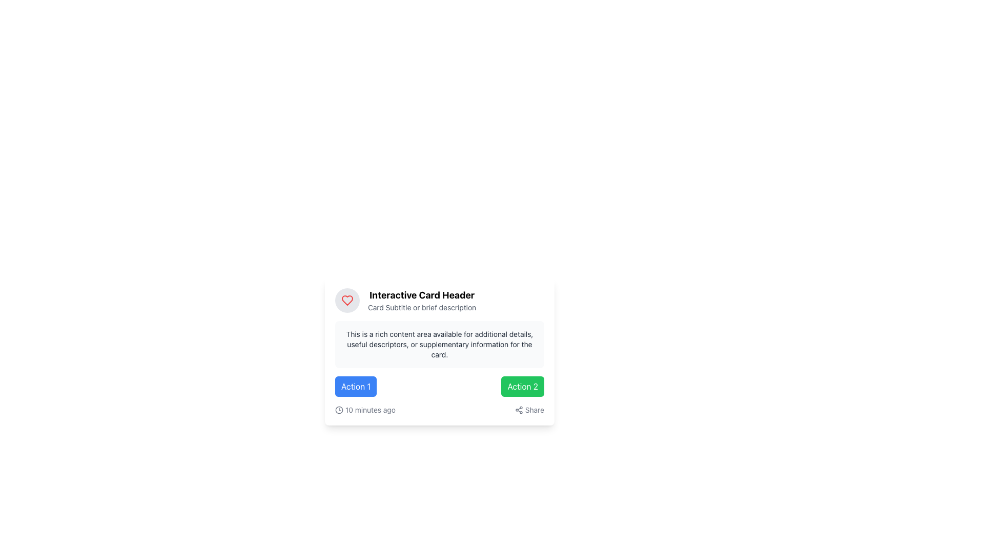 The width and height of the screenshot is (984, 553). I want to click on information displayed in the text block with a light gray background, located beneath the card's subtitle text, so click(440, 344).